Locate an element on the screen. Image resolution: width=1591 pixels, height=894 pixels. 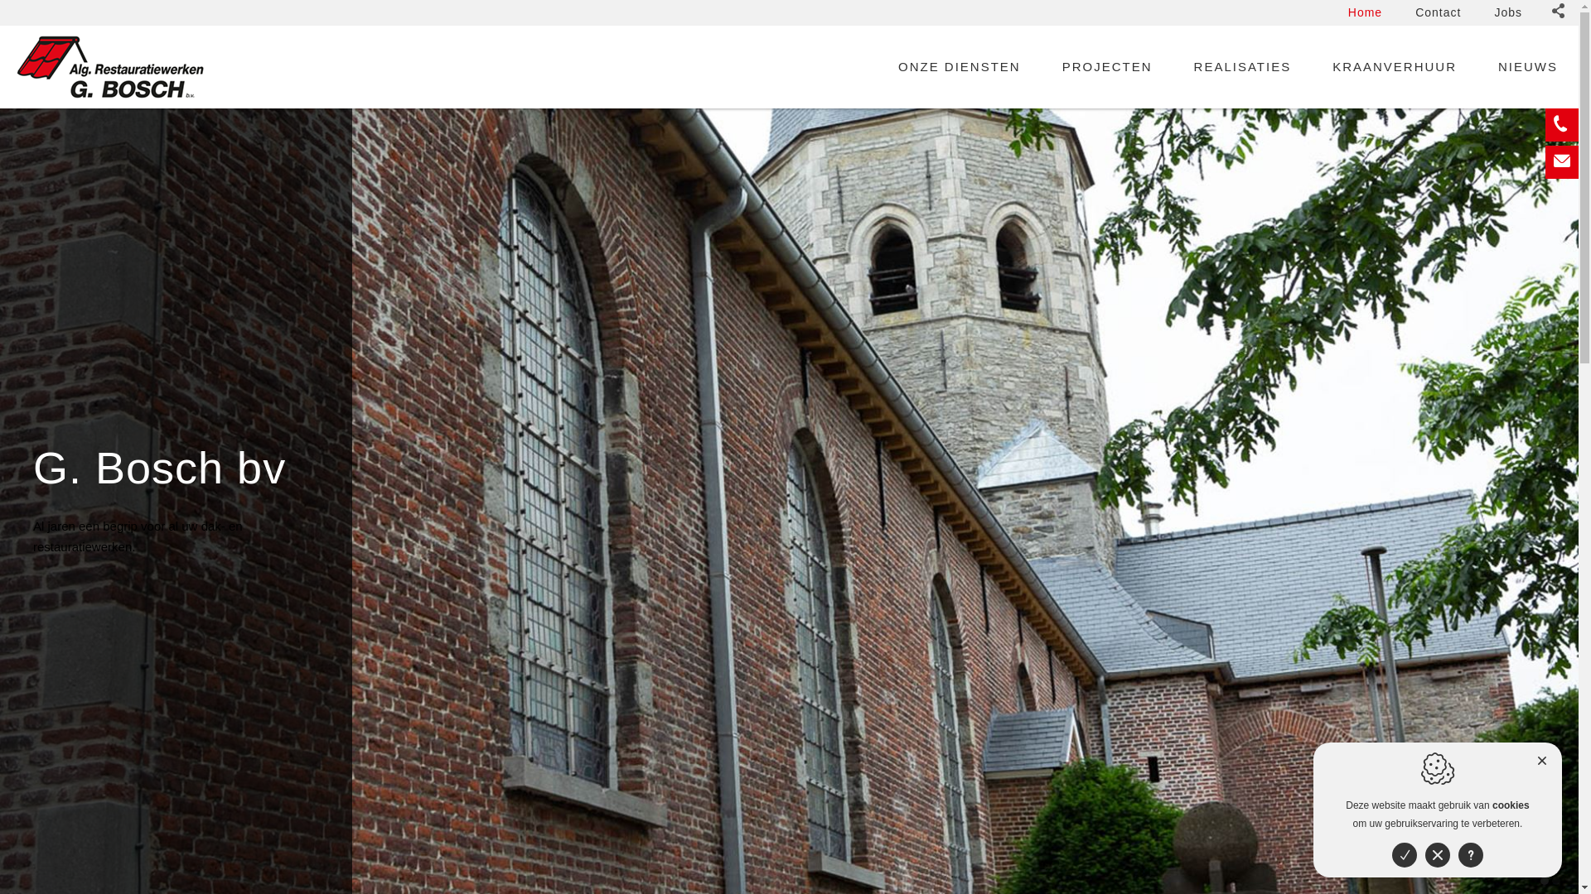
'NIEUWS' is located at coordinates (1526, 66).